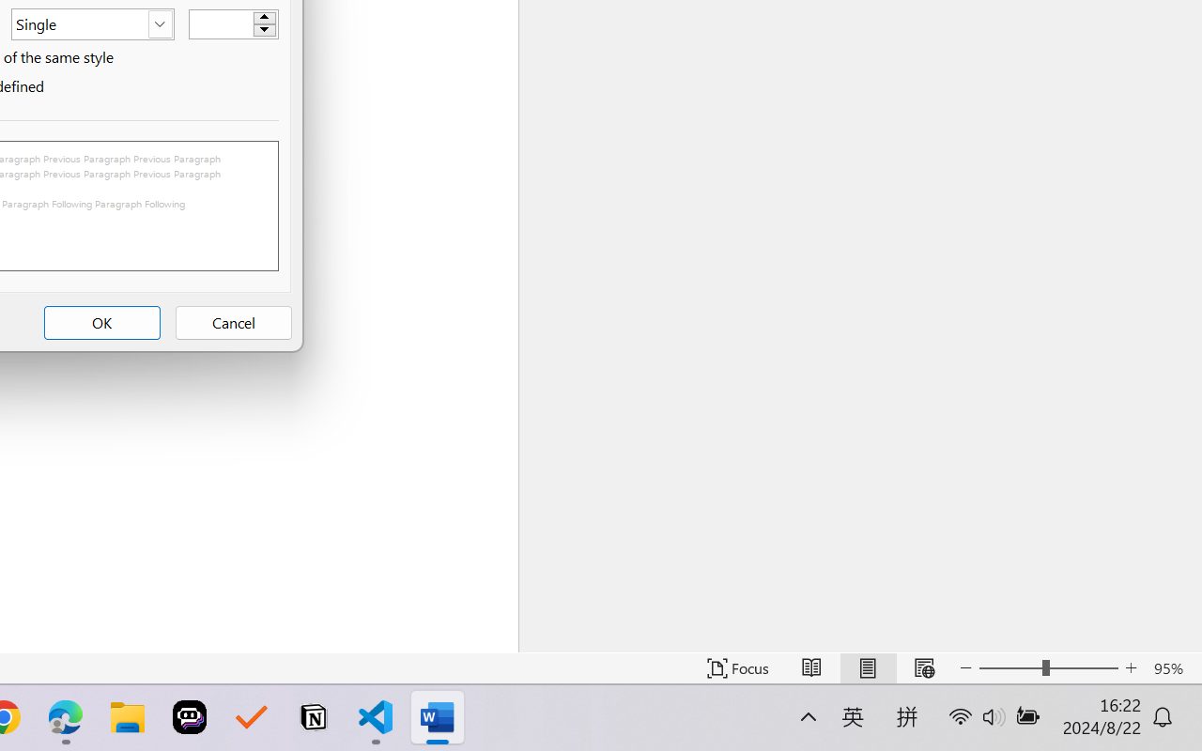 Image resolution: width=1202 pixels, height=751 pixels. I want to click on 'OK', so click(100, 323).